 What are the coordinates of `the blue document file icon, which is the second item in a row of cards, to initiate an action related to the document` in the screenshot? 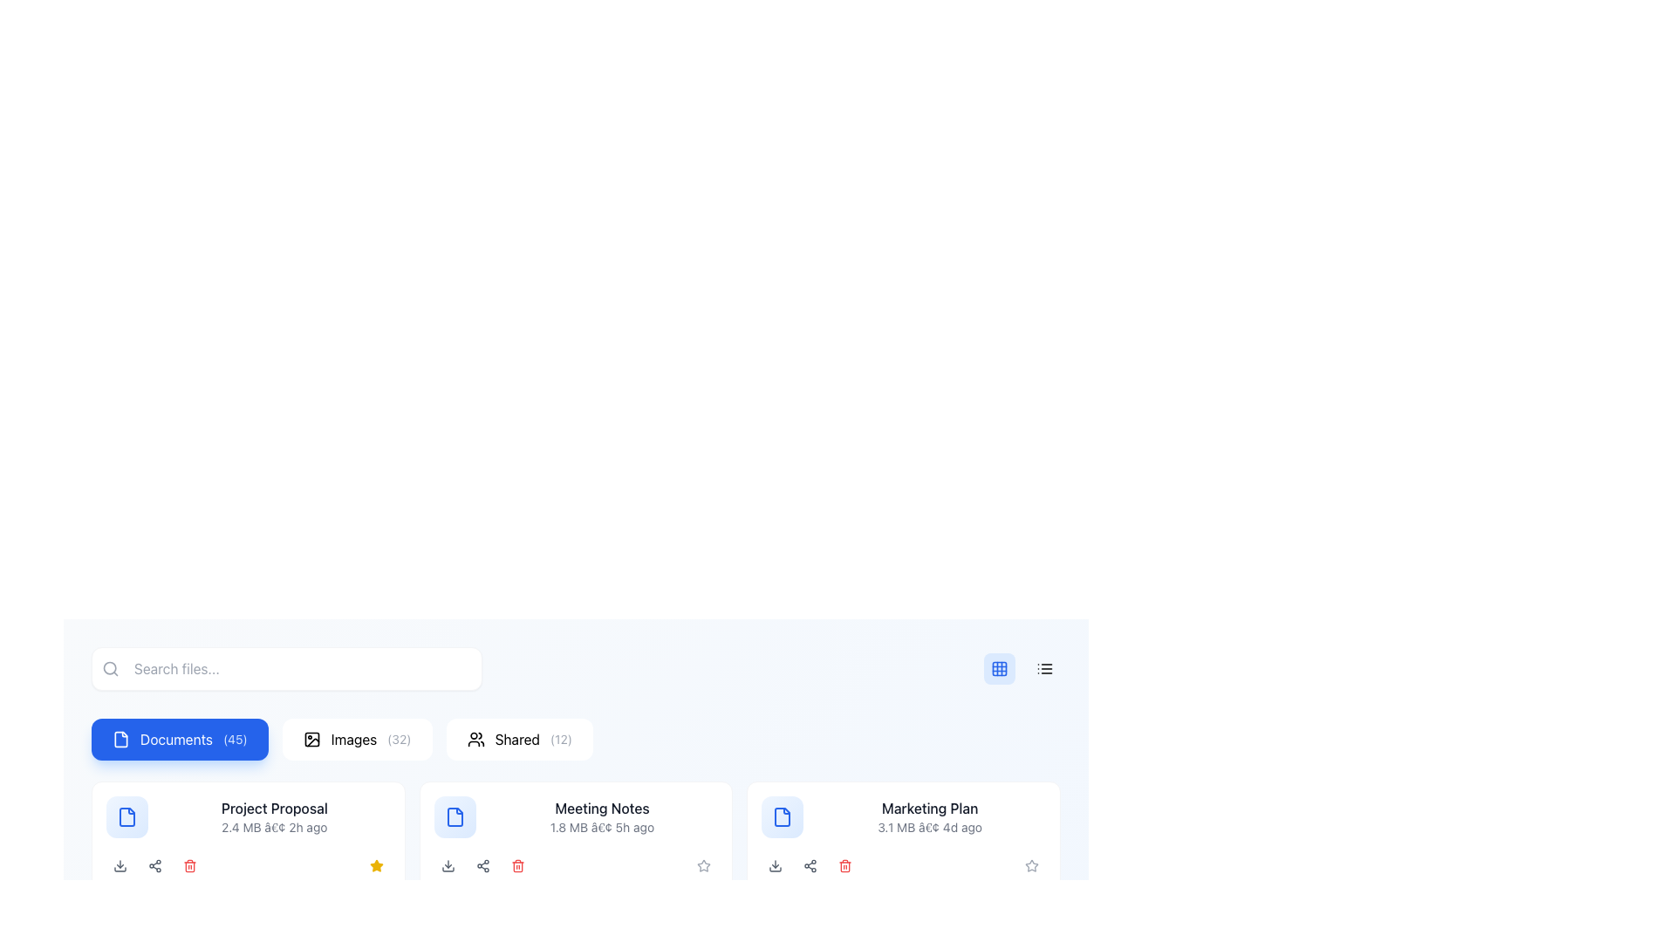 It's located at (455, 817).